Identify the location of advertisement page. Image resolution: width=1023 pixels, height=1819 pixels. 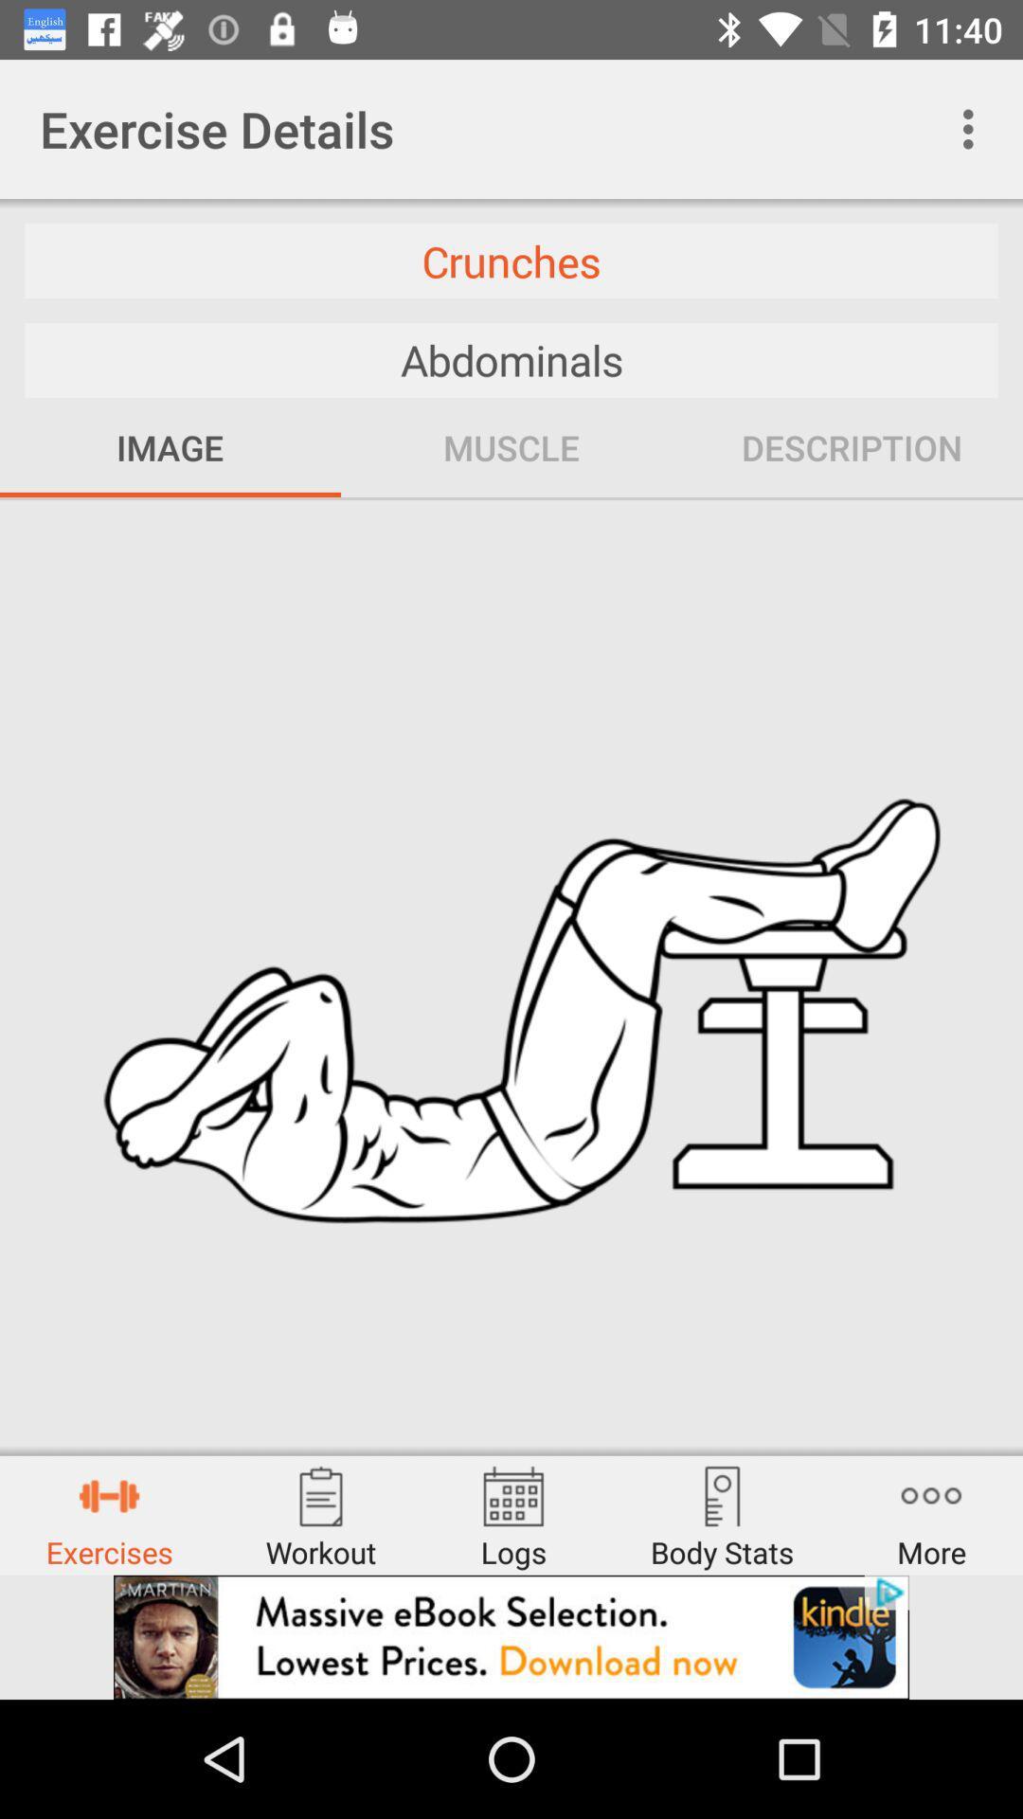
(511, 1636).